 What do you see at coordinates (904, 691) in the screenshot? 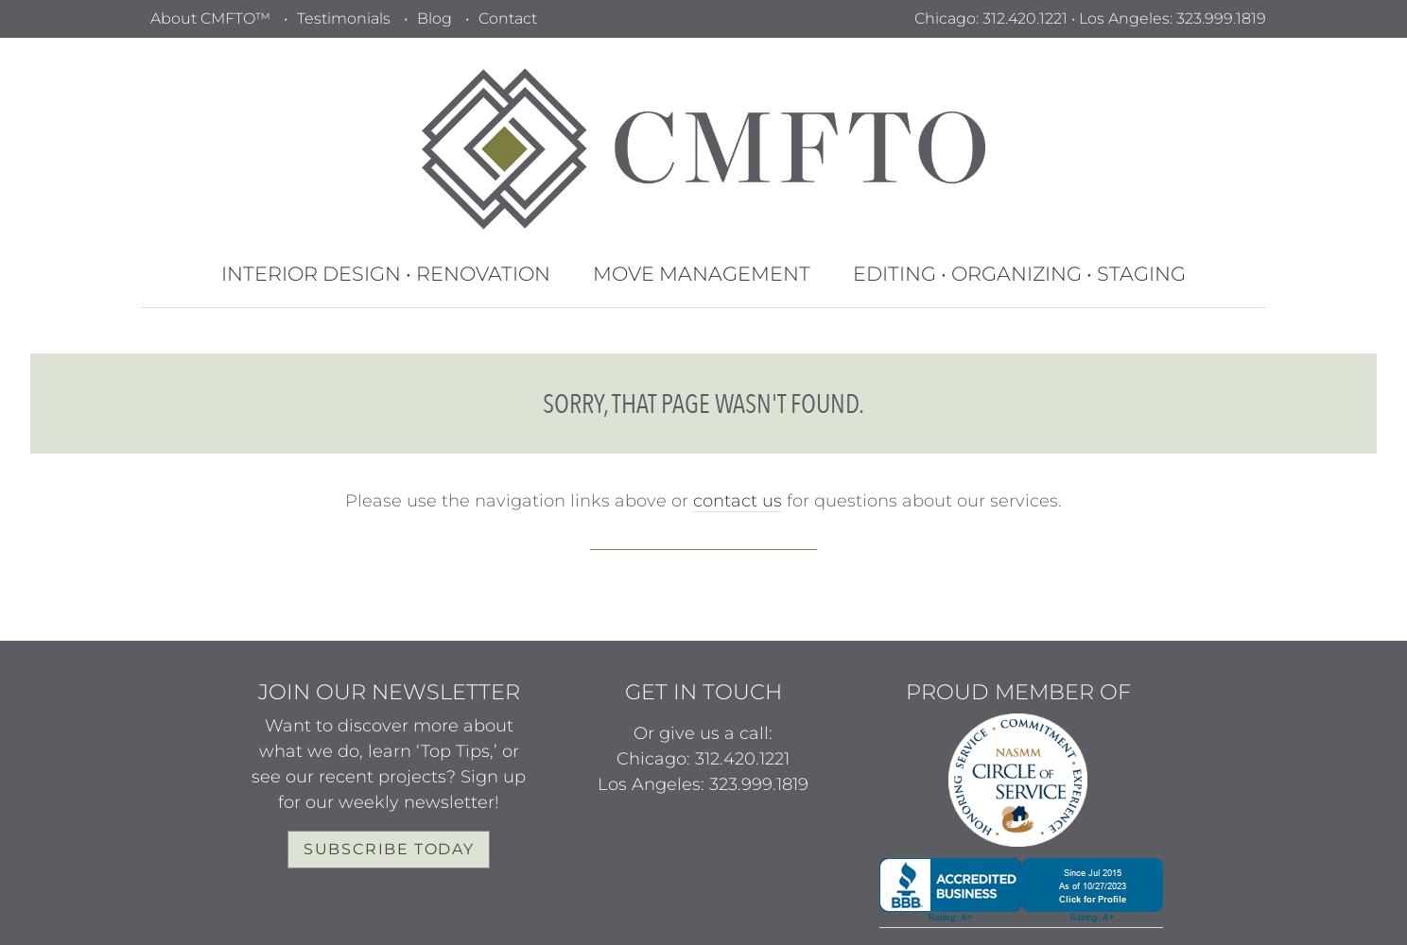
I see `'Proud Member Of'` at bounding box center [904, 691].